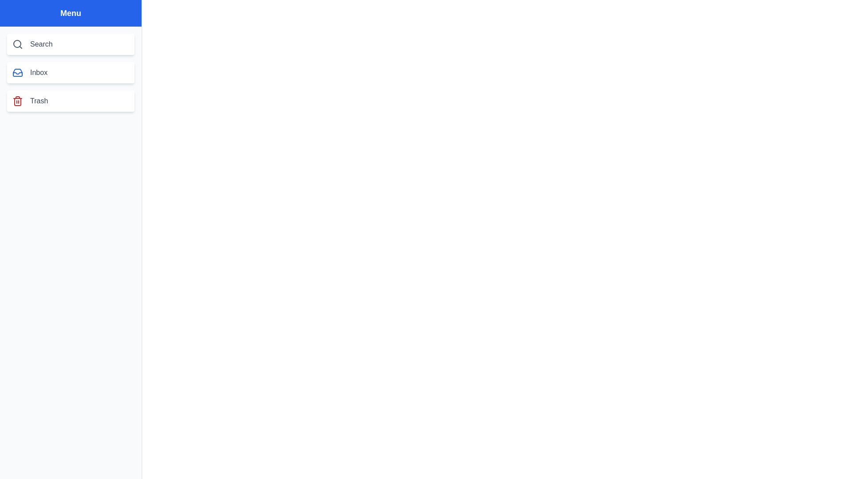 Image resolution: width=852 pixels, height=479 pixels. Describe the element at coordinates (70, 44) in the screenshot. I see `the menu item Search by clicking on it` at that location.